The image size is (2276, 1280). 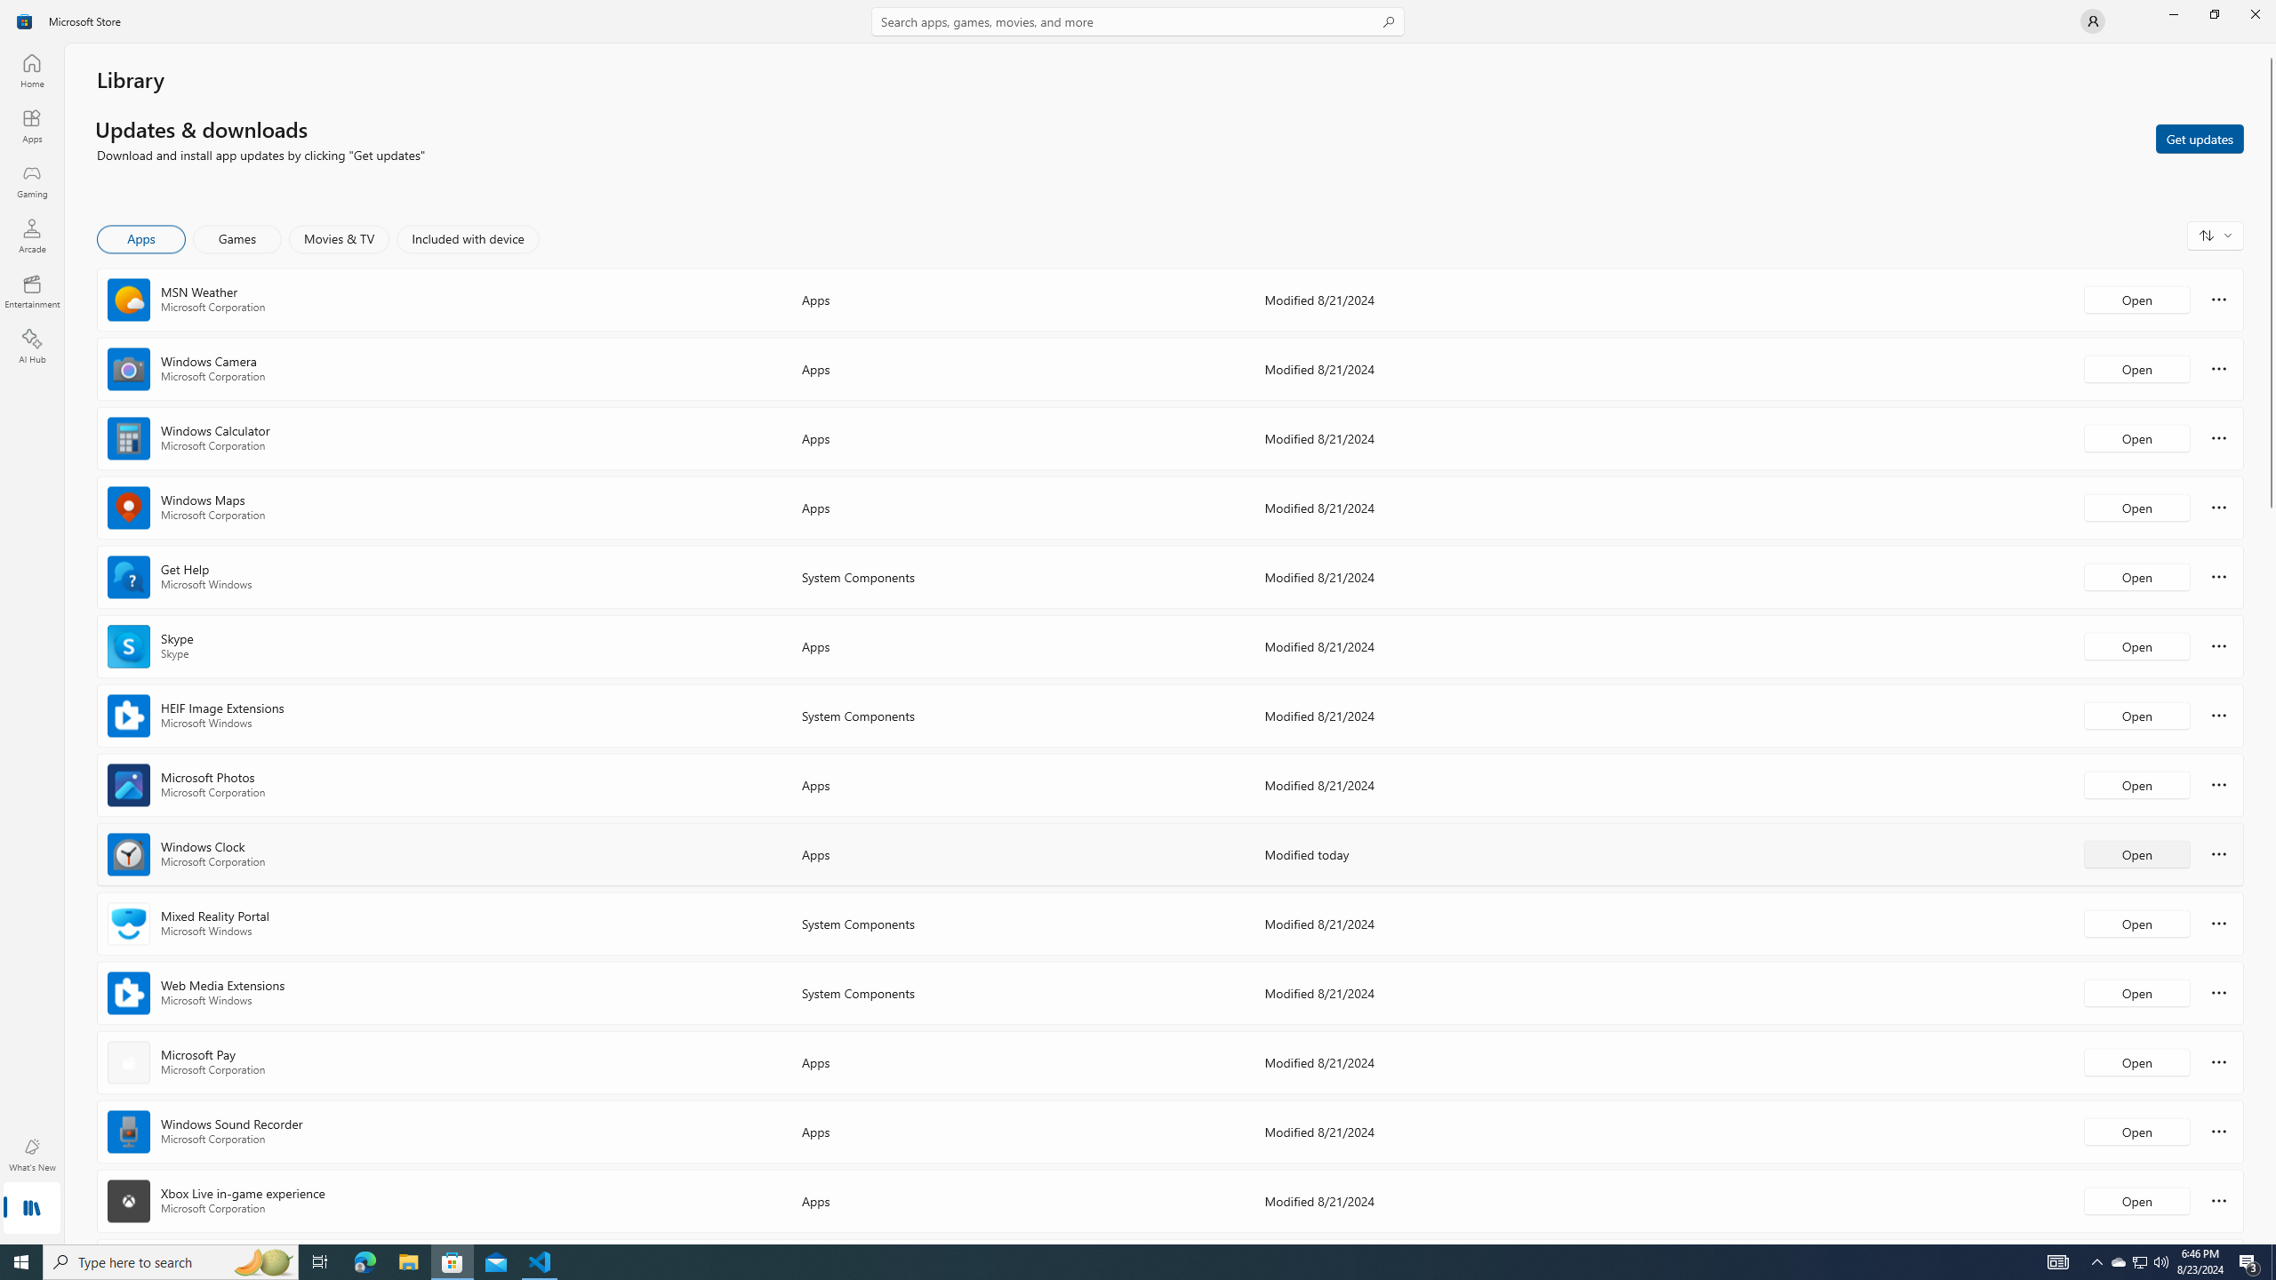 What do you see at coordinates (30, 1154) in the screenshot?
I see `'What'` at bounding box center [30, 1154].